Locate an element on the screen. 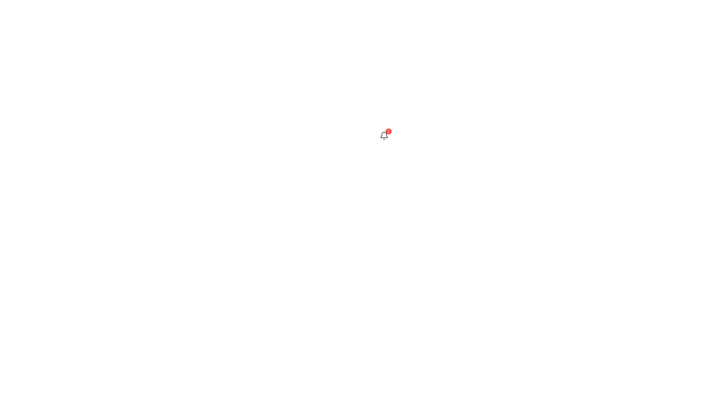 The width and height of the screenshot is (714, 401). the text content of the Notification badge indicating two new or pending notifications, positioned at the top-right corner overlapping the bell icon is located at coordinates (388, 131).